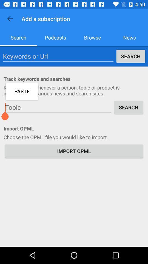 Image resolution: width=148 pixels, height=264 pixels. Describe the element at coordinates (55, 37) in the screenshot. I see `podcasts icon` at that location.